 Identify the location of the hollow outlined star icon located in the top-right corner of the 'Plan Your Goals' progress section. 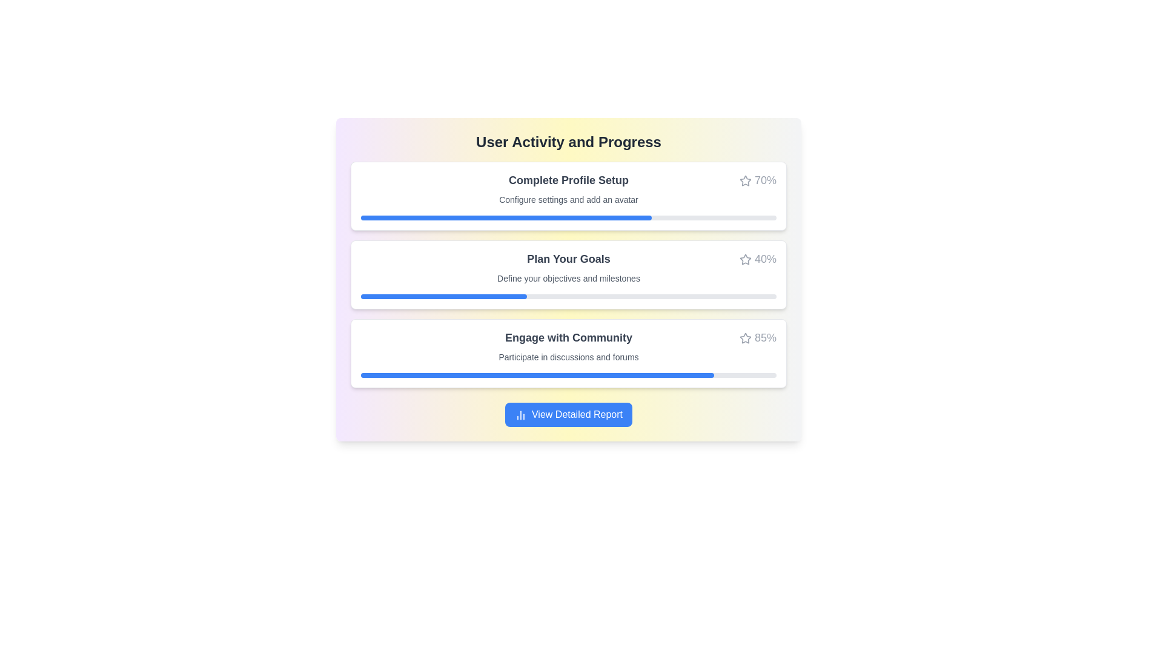
(744, 259).